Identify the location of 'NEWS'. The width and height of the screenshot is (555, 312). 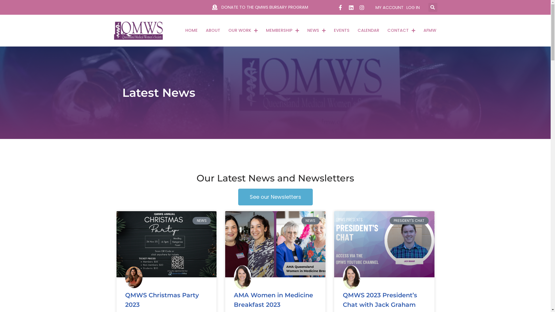
(316, 30).